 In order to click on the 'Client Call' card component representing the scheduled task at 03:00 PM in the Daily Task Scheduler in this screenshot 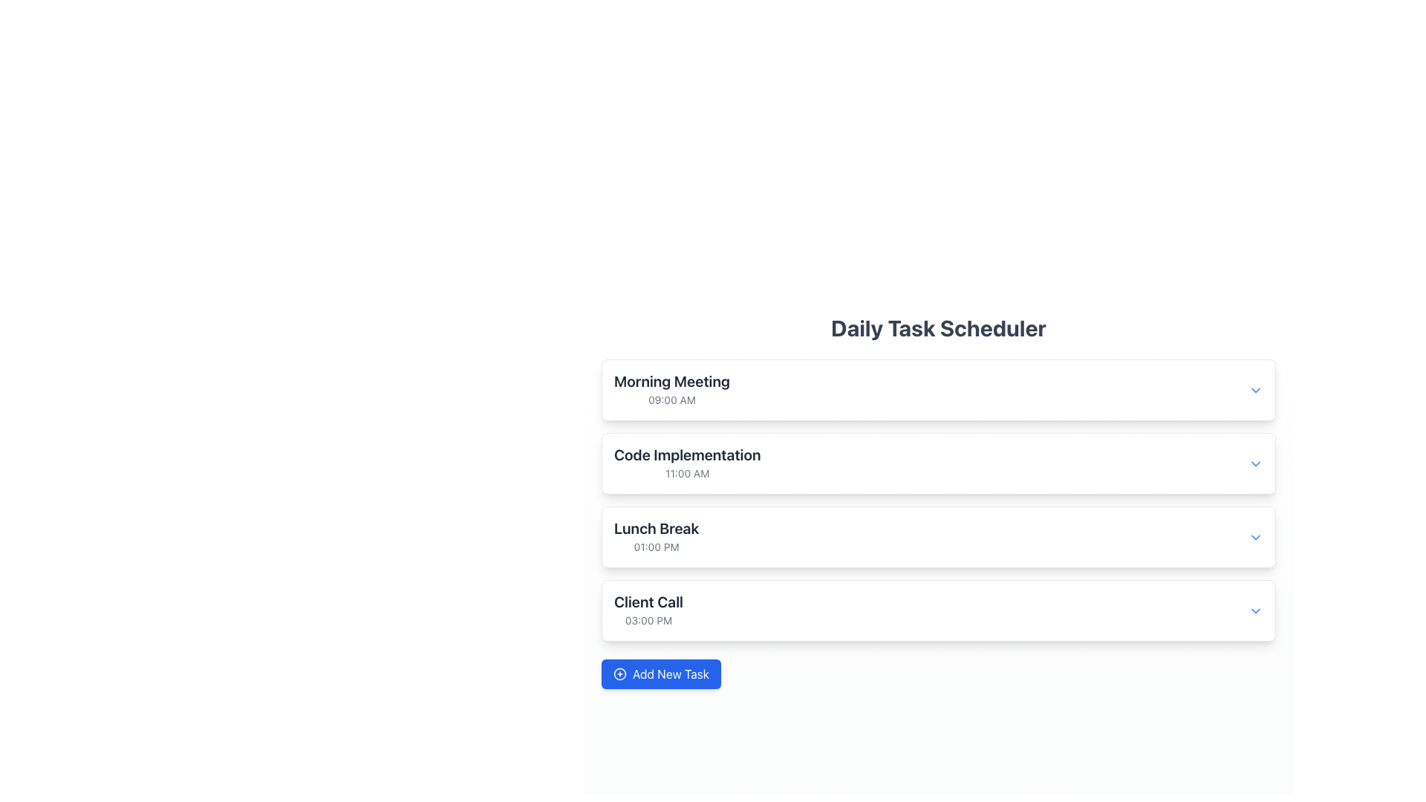, I will do `click(937, 610)`.